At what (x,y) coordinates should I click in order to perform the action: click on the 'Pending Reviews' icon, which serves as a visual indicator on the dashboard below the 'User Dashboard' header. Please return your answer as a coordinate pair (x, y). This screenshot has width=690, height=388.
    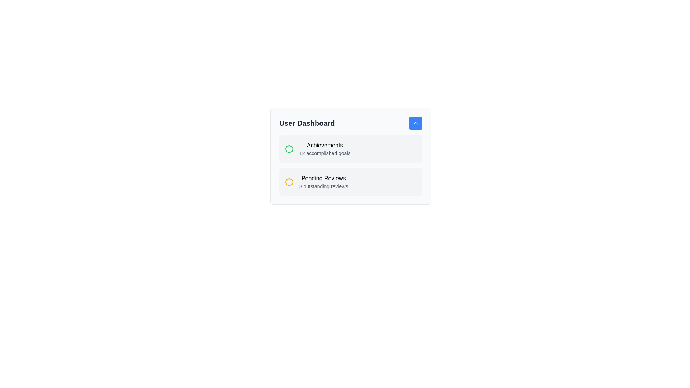
    Looking at the image, I should click on (289, 181).